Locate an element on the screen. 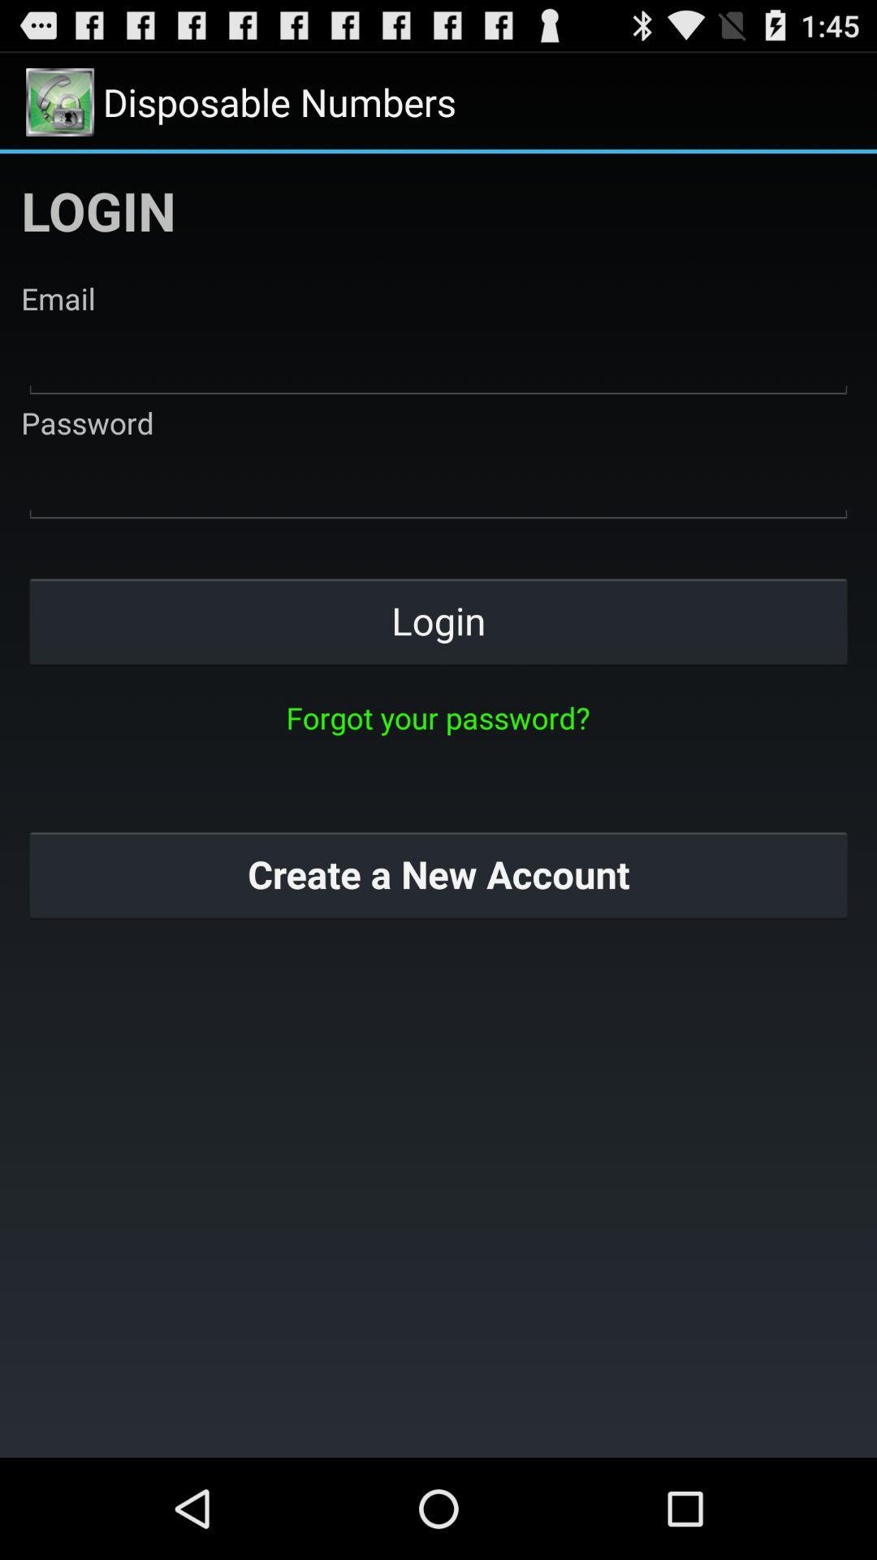  type in email is located at coordinates (438, 359).